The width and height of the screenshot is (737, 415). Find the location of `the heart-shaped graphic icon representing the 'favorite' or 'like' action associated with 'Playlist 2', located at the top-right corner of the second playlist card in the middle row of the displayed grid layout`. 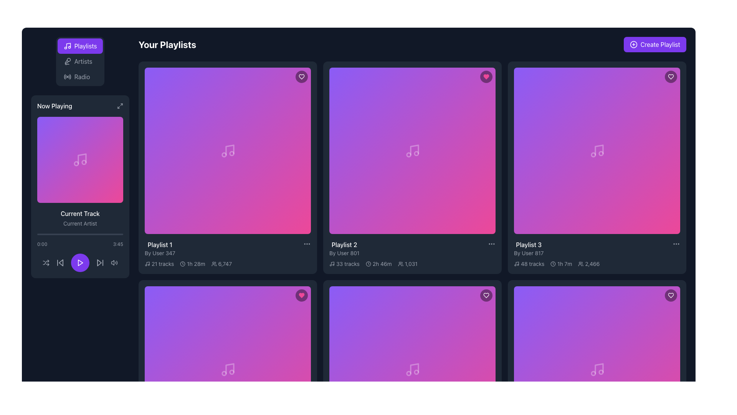

the heart-shaped graphic icon representing the 'favorite' or 'like' action associated with 'Playlist 2', located at the top-right corner of the second playlist card in the middle row of the displayed grid layout is located at coordinates (301, 295).